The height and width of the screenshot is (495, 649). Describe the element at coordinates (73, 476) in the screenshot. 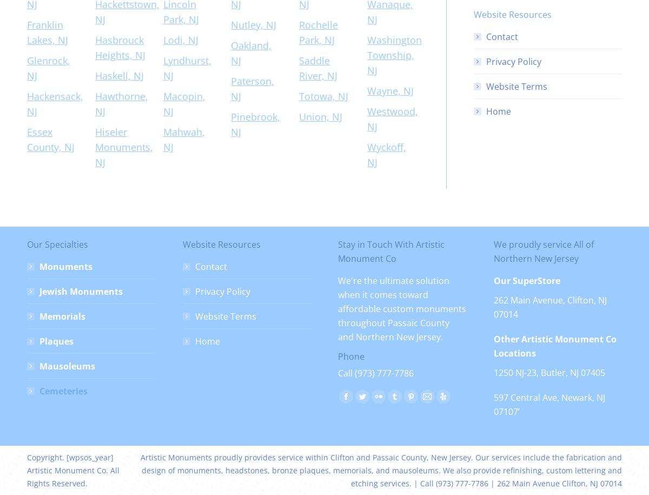

I see `'Artistic Monument Co. All Rights Reserved.'` at that location.